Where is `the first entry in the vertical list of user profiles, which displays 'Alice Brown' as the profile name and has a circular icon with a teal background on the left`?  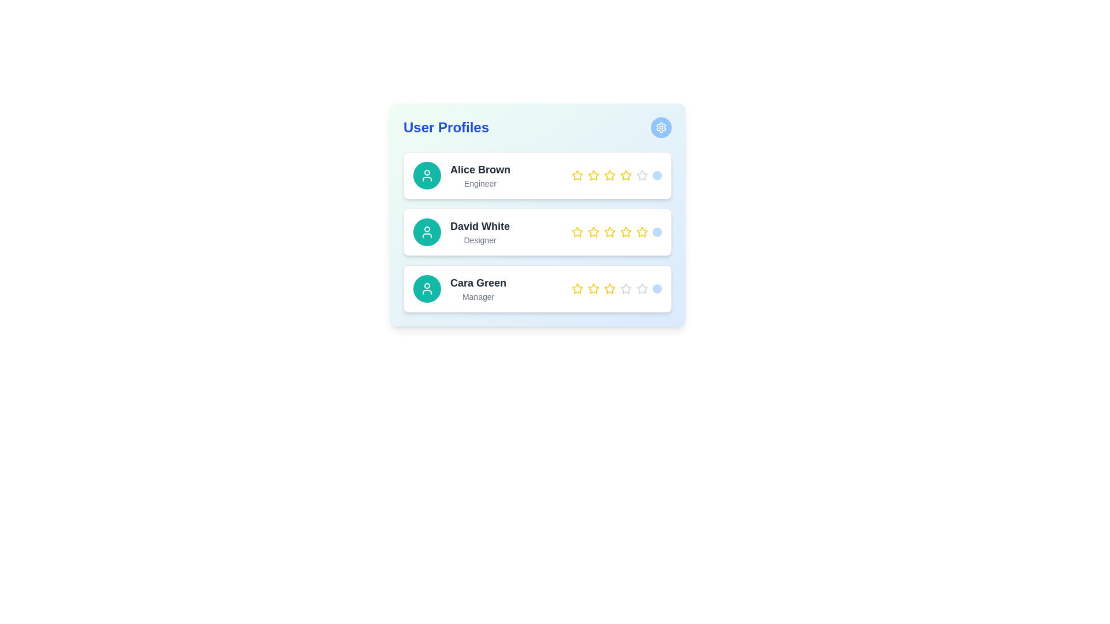 the first entry in the vertical list of user profiles, which displays 'Alice Brown' as the profile name and has a circular icon with a teal background on the left is located at coordinates (461, 176).